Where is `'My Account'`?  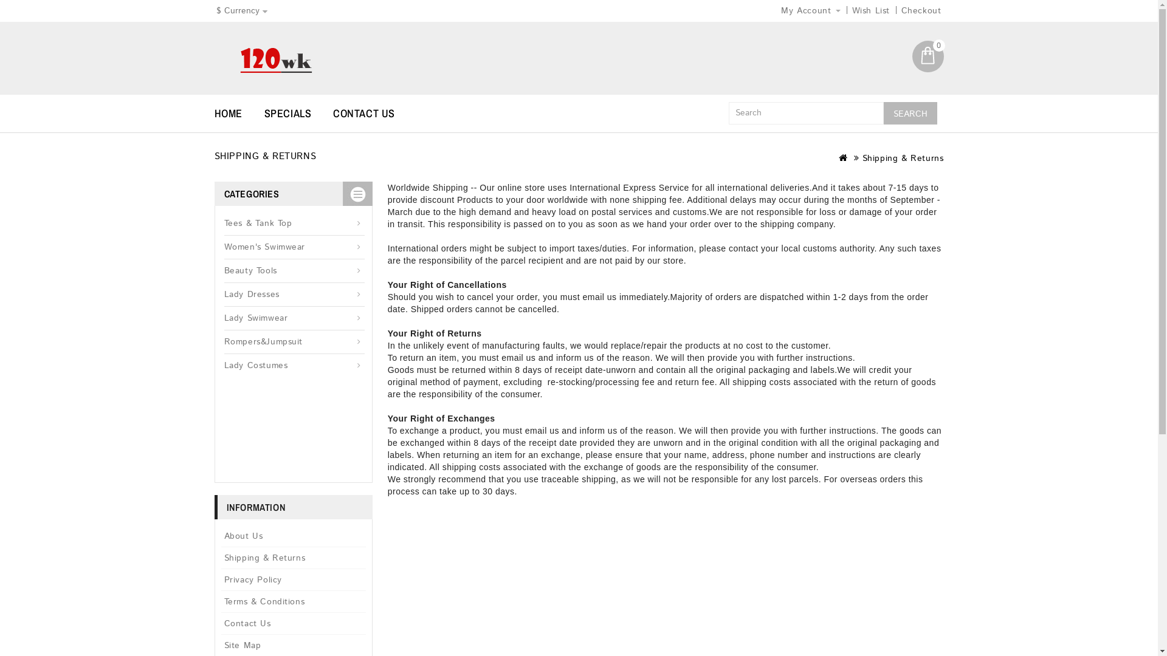
'My Account' is located at coordinates (811, 11).